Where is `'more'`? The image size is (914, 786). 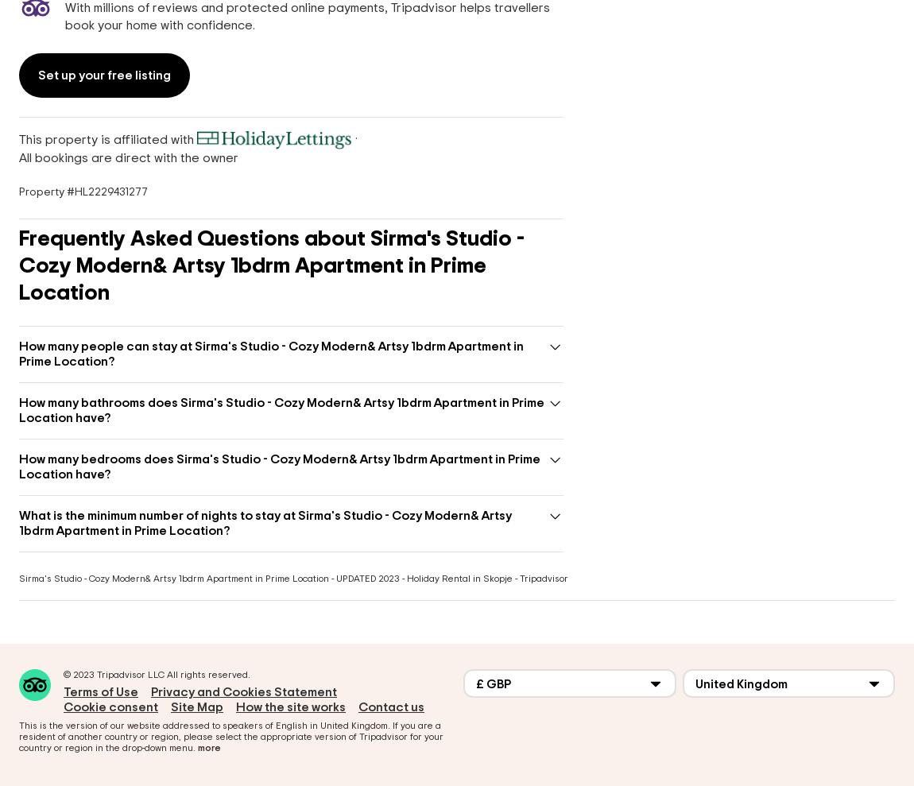 'more' is located at coordinates (208, 748).